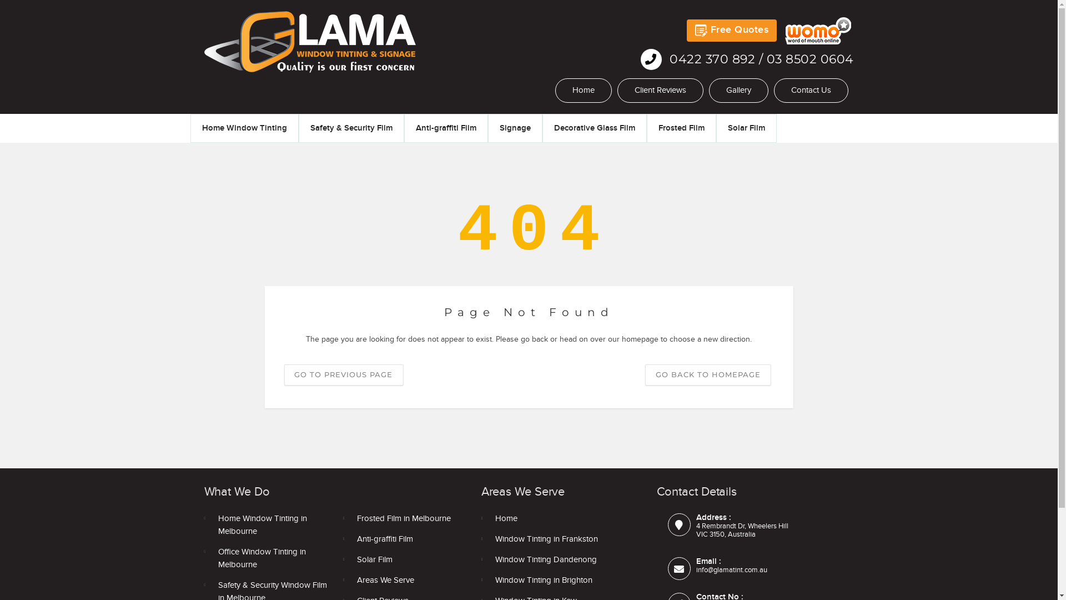 Image resolution: width=1066 pixels, height=600 pixels. I want to click on 'GO TO PREVIOUS PAGE', so click(283, 374).